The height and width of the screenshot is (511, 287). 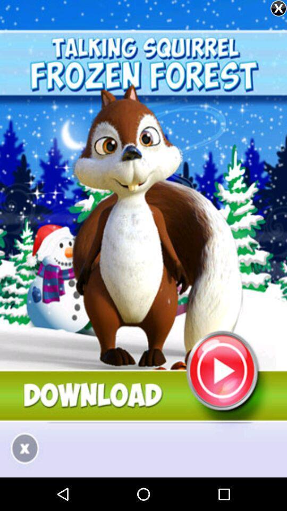 I want to click on the close icon, so click(x=278, y=8).